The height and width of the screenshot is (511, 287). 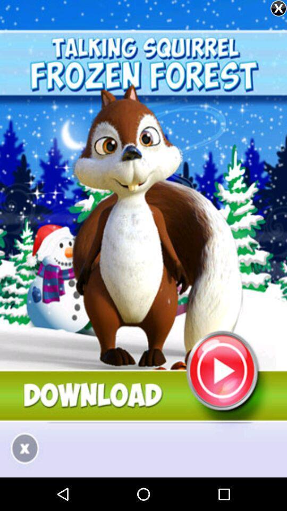 I want to click on the close icon, so click(x=278, y=8).